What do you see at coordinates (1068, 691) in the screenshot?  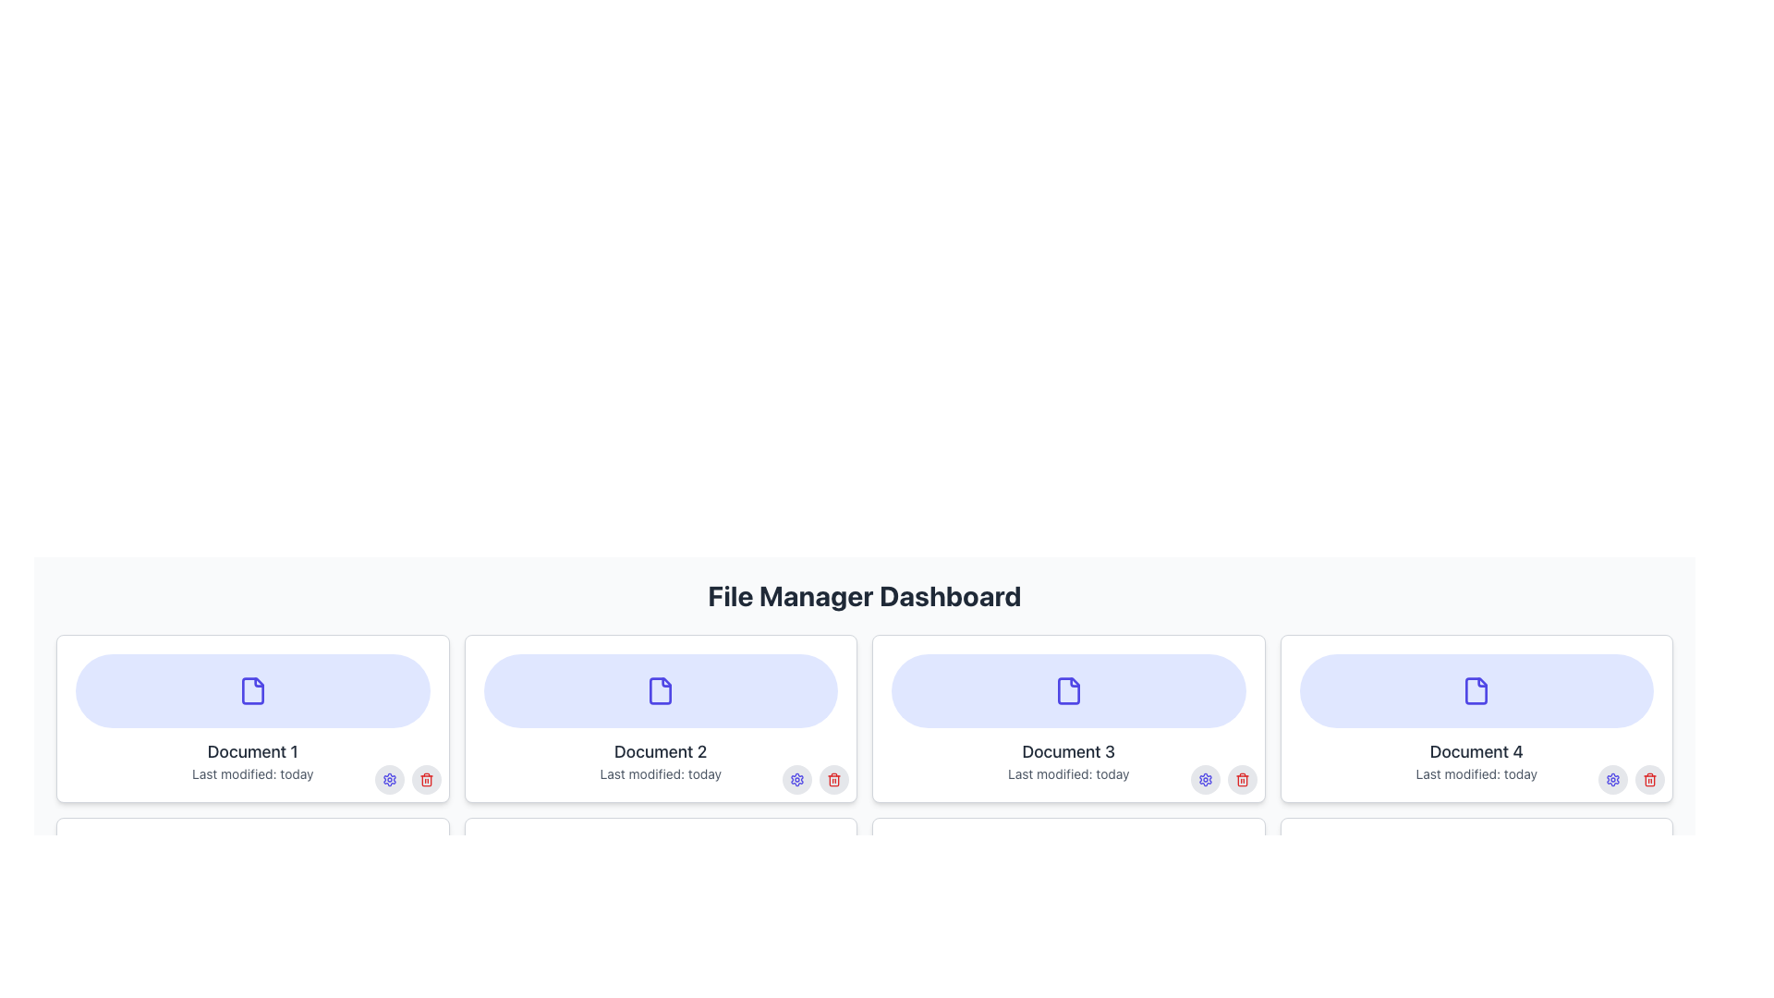 I see `the file icon representing the card labeled 'Document 3', located at the center-top of the light blue background area` at bounding box center [1068, 691].